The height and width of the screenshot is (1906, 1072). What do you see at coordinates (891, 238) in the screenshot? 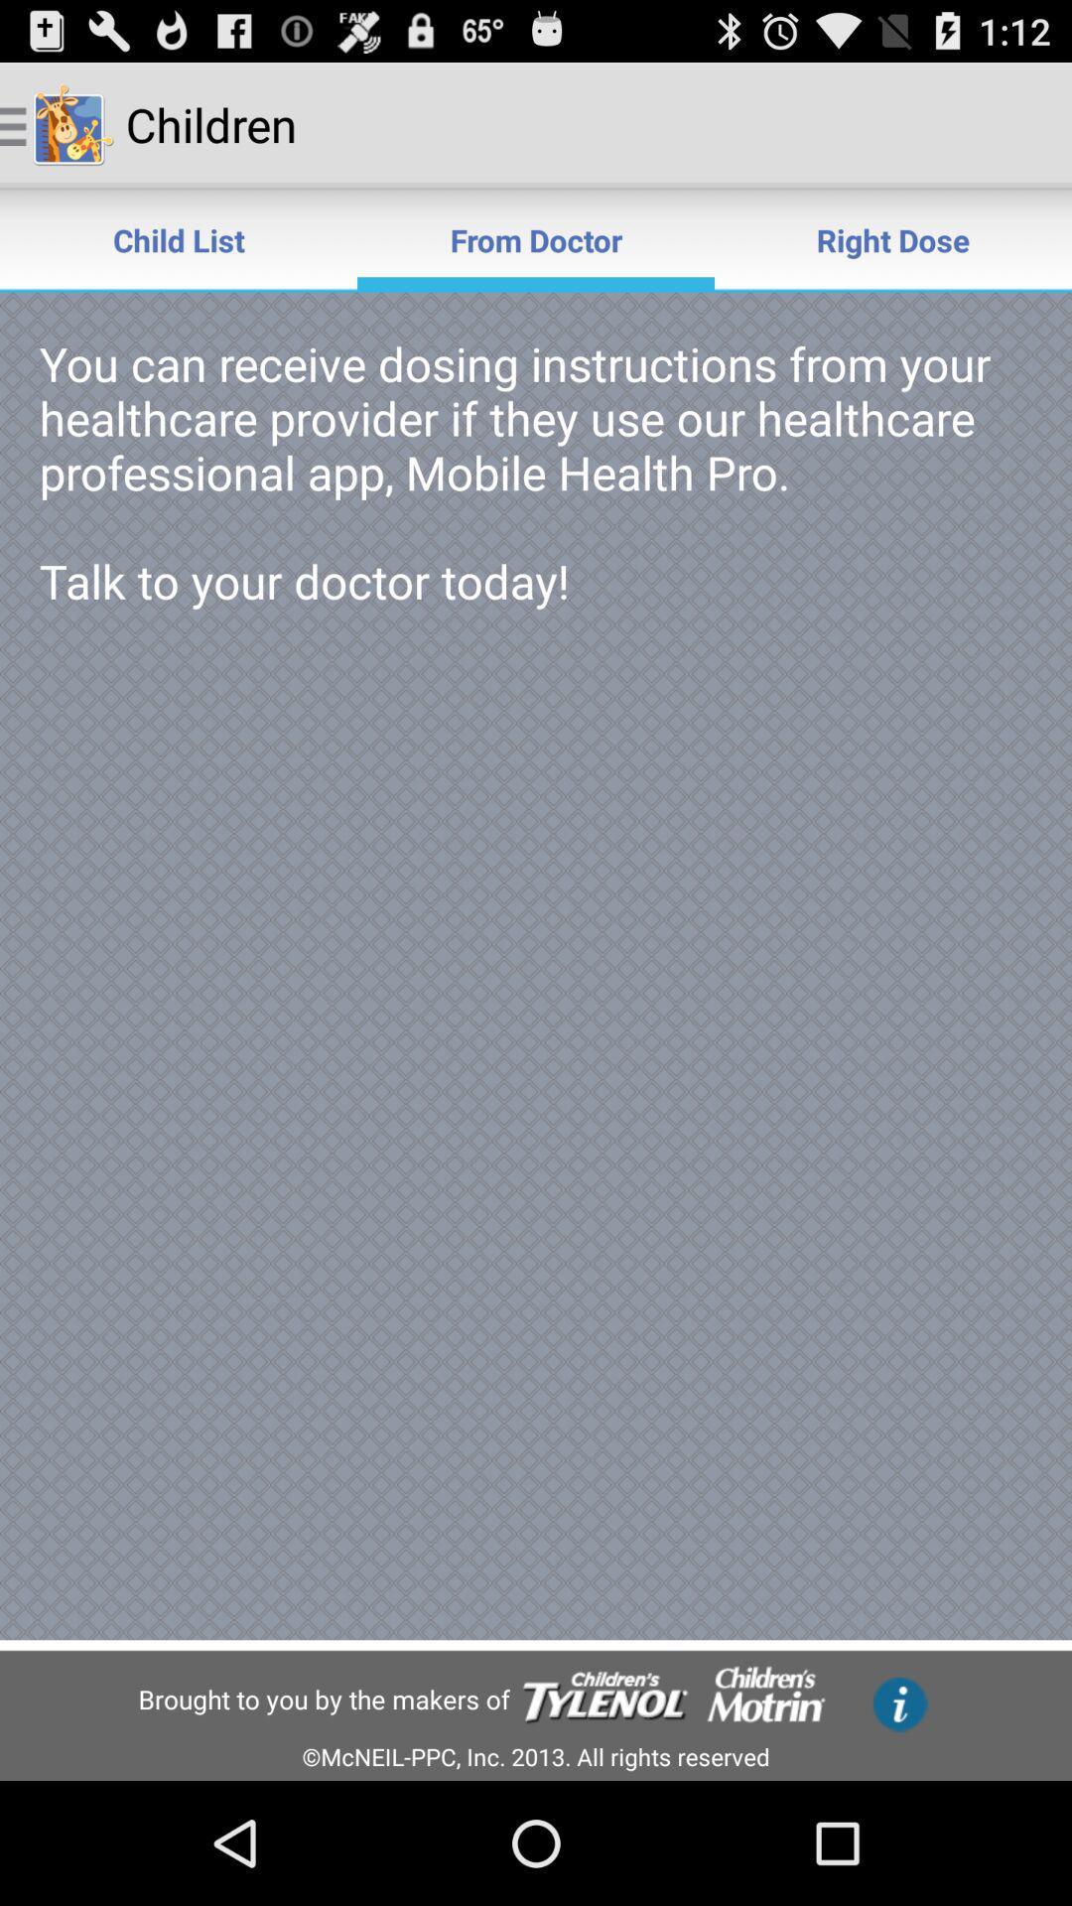
I see `the icon above the you can receive` at bounding box center [891, 238].